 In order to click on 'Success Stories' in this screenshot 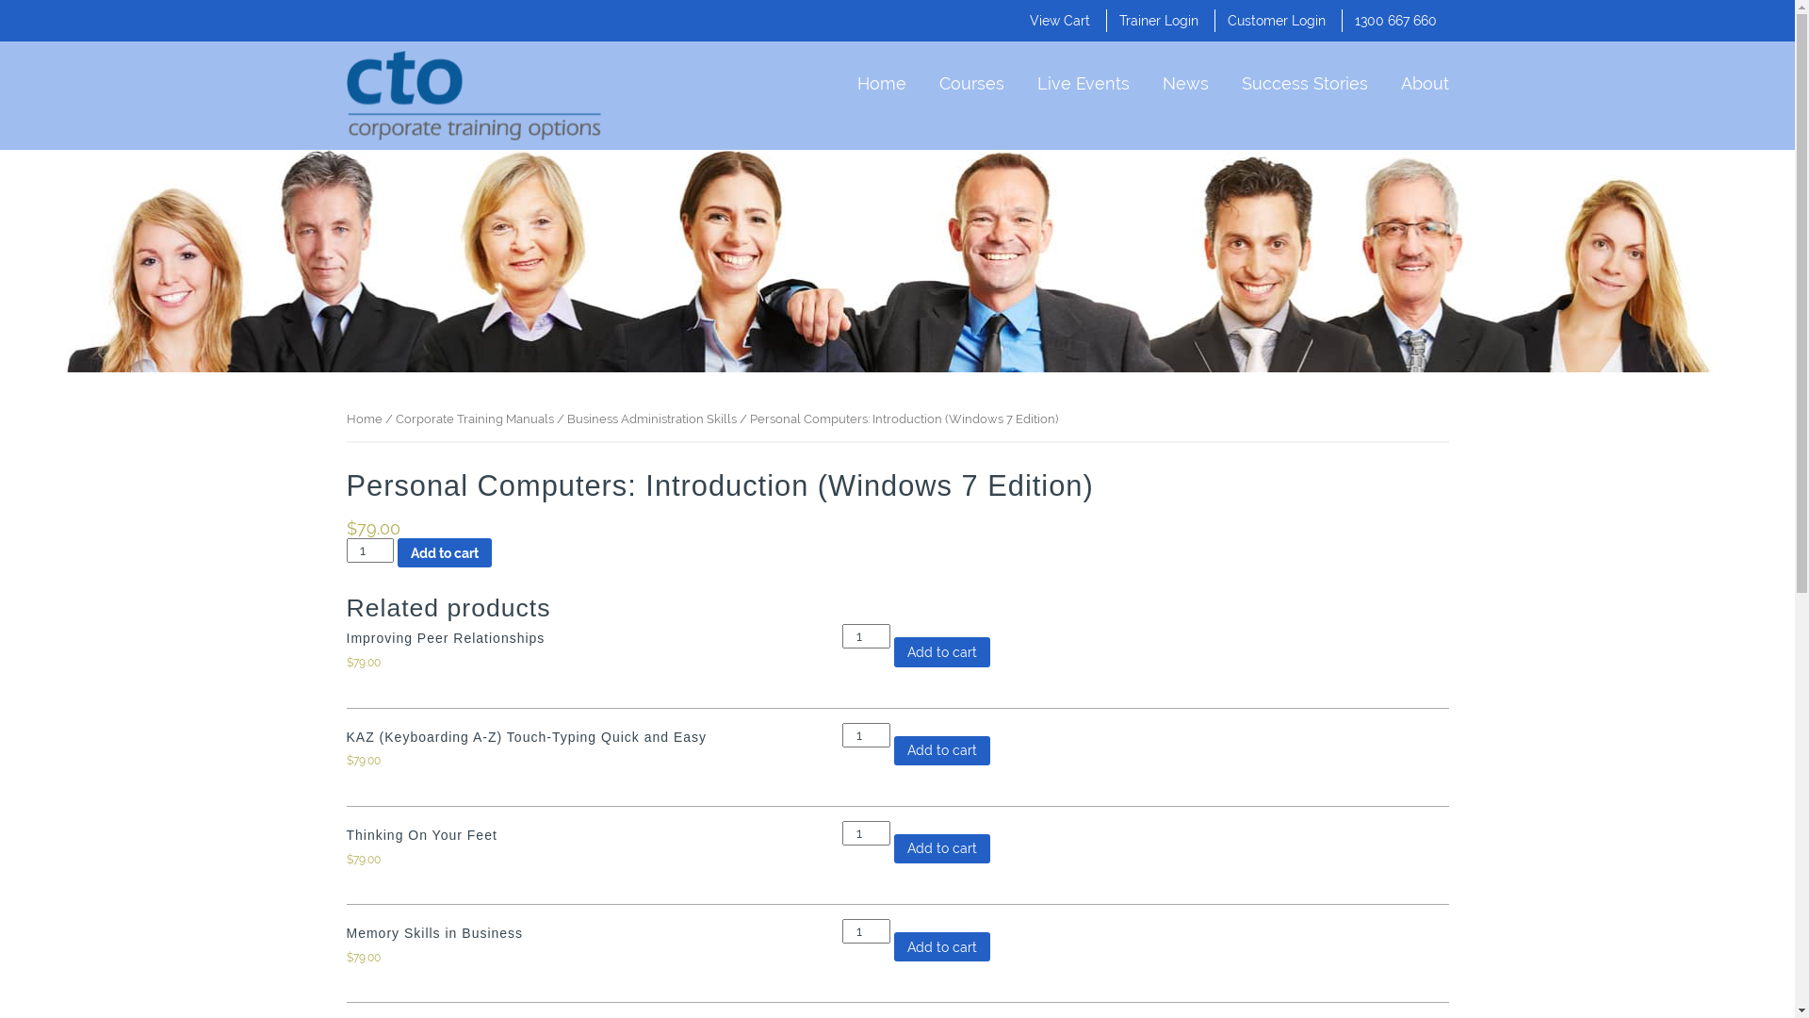, I will do `click(1304, 79)`.